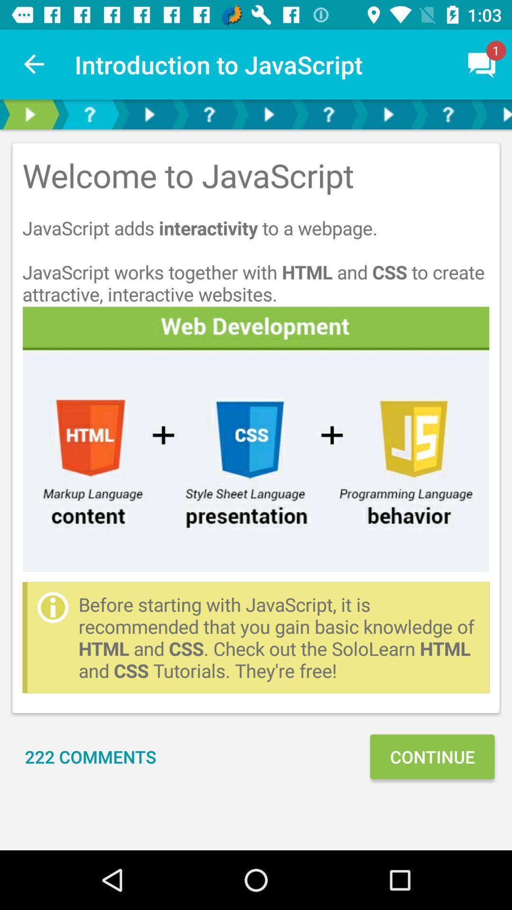 This screenshot has height=910, width=512. I want to click on whats new, so click(208, 114).